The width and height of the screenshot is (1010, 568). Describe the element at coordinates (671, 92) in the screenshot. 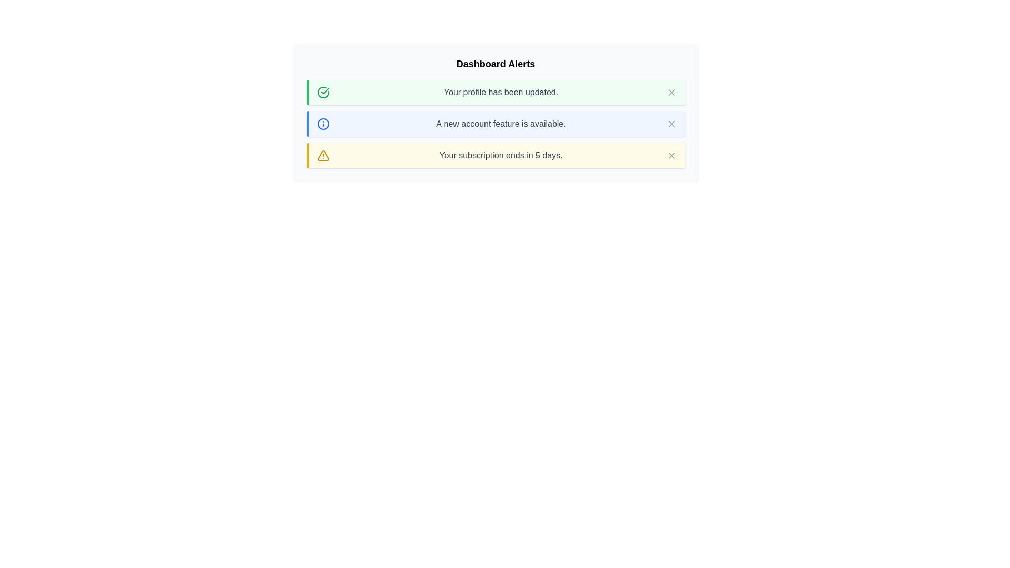

I see `the close or dismiss icon represented by a static 'X' symbol in the top right corner of the notification box with a light green background` at that location.